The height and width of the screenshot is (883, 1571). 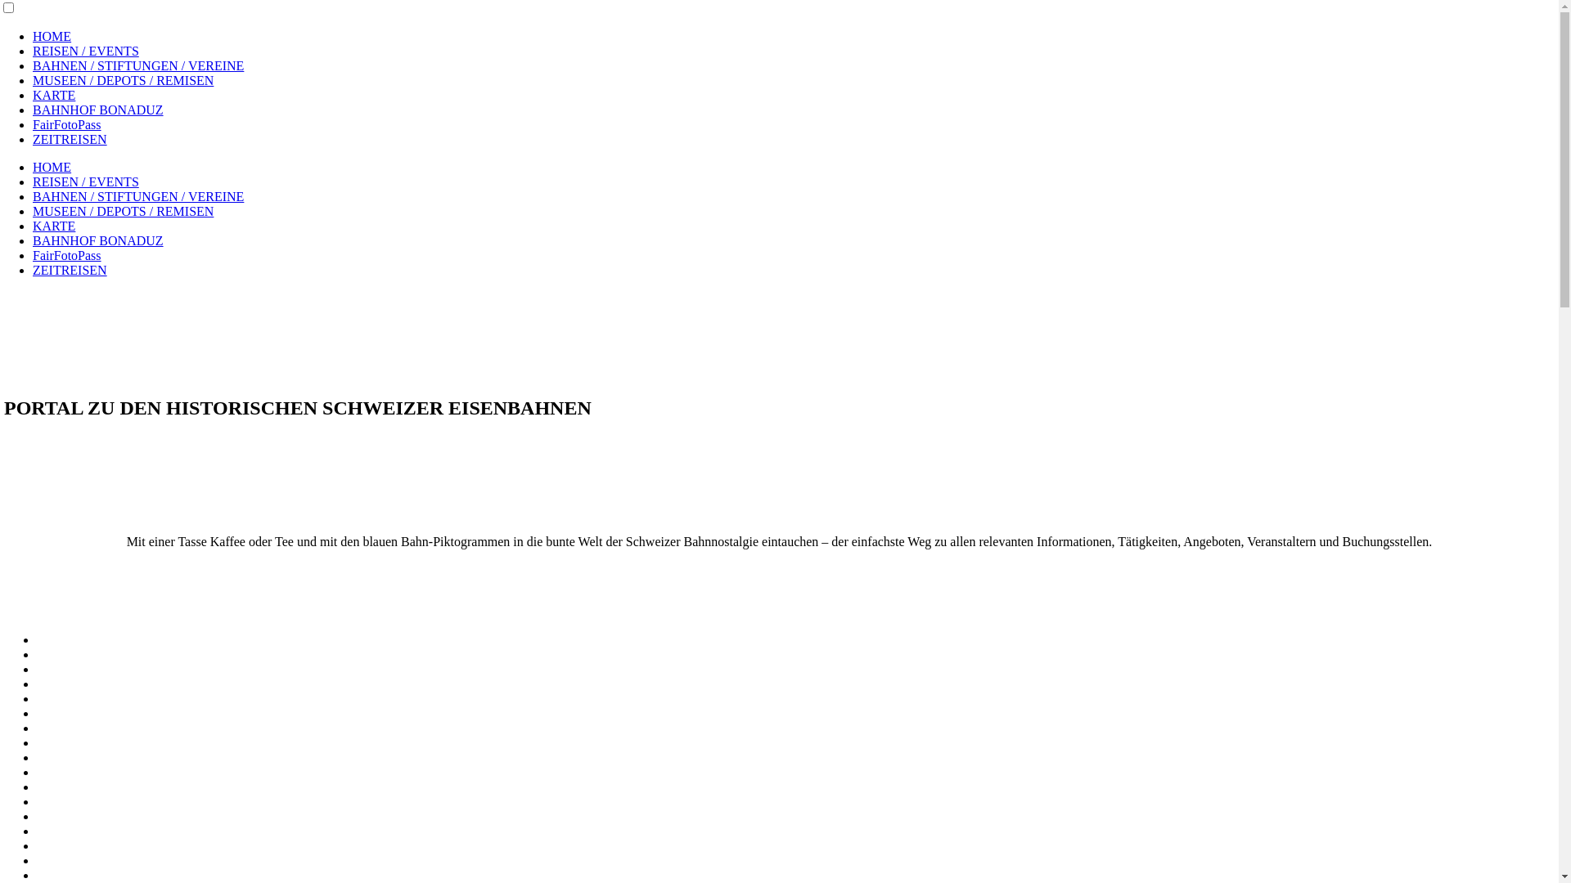 I want to click on 'HOME', so click(x=32, y=167).